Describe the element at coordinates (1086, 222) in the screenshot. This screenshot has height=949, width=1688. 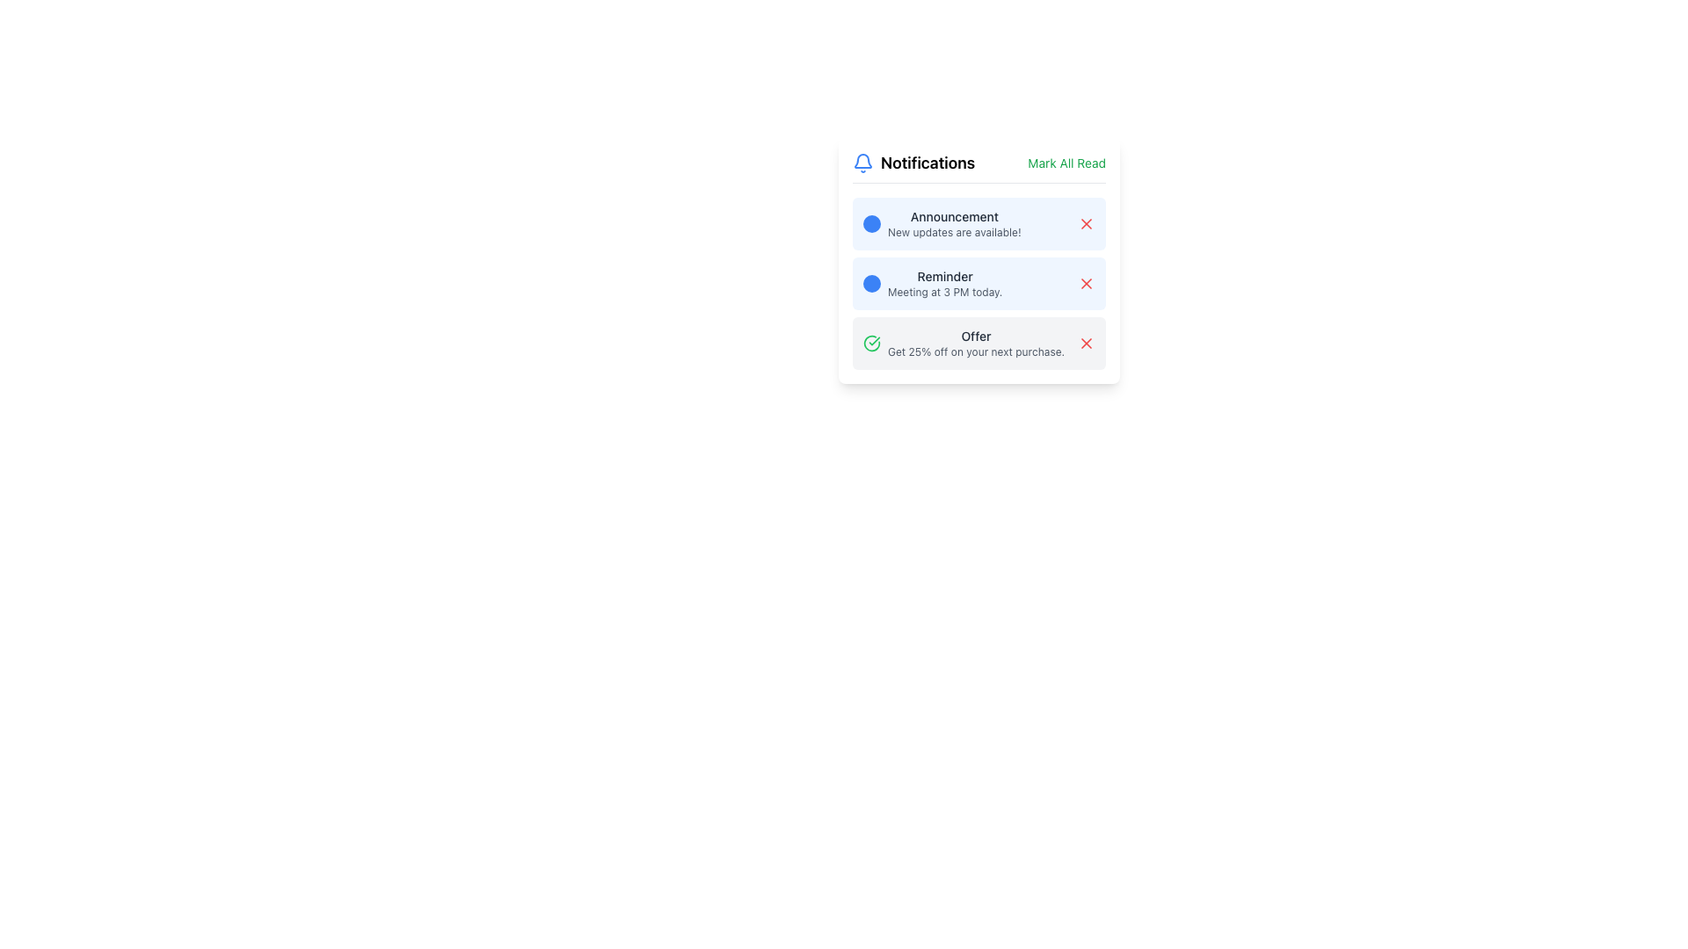
I see `the close button located in the top-right corner of the 'Announcement' notification card` at that location.